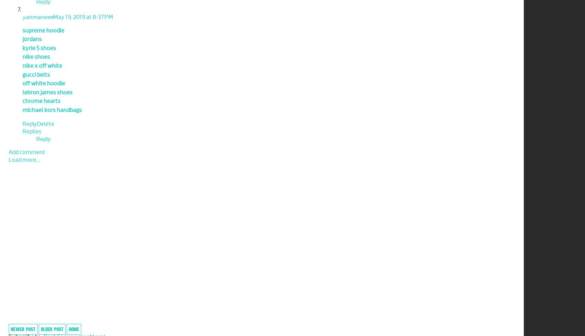 This screenshot has width=585, height=336. I want to click on 'supreme hoodie', so click(43, 30).